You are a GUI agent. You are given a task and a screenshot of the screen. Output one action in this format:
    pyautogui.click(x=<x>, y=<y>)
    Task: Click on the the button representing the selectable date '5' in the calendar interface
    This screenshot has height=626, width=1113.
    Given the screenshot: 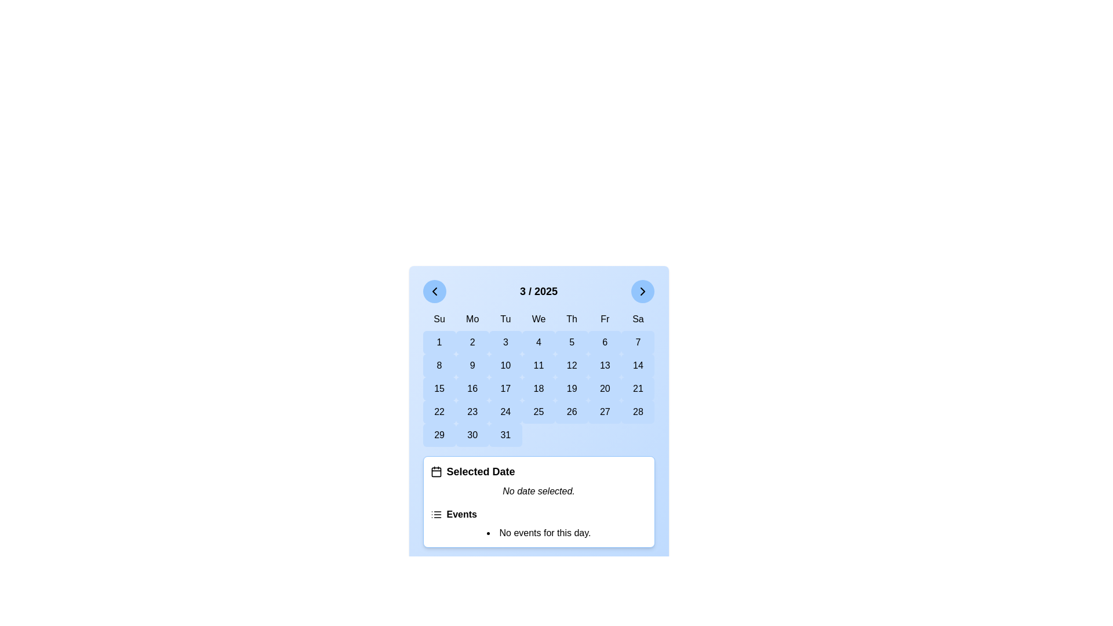 What is the action you would take?
    pyautogui.click(x=572, y=341)
    